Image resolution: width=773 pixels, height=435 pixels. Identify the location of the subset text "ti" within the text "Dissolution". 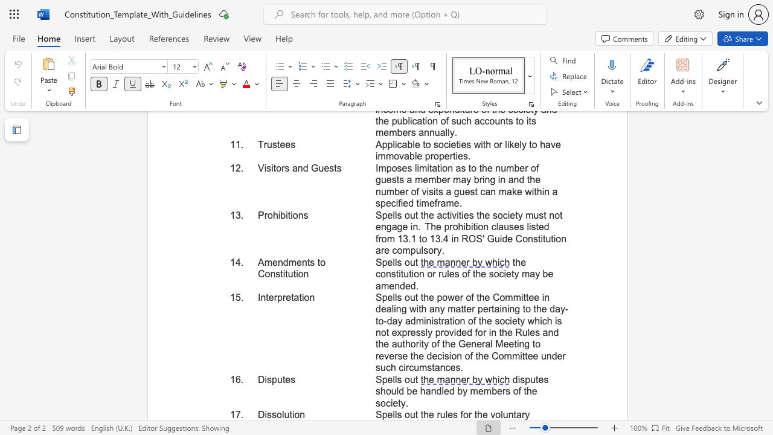
(289, 414).